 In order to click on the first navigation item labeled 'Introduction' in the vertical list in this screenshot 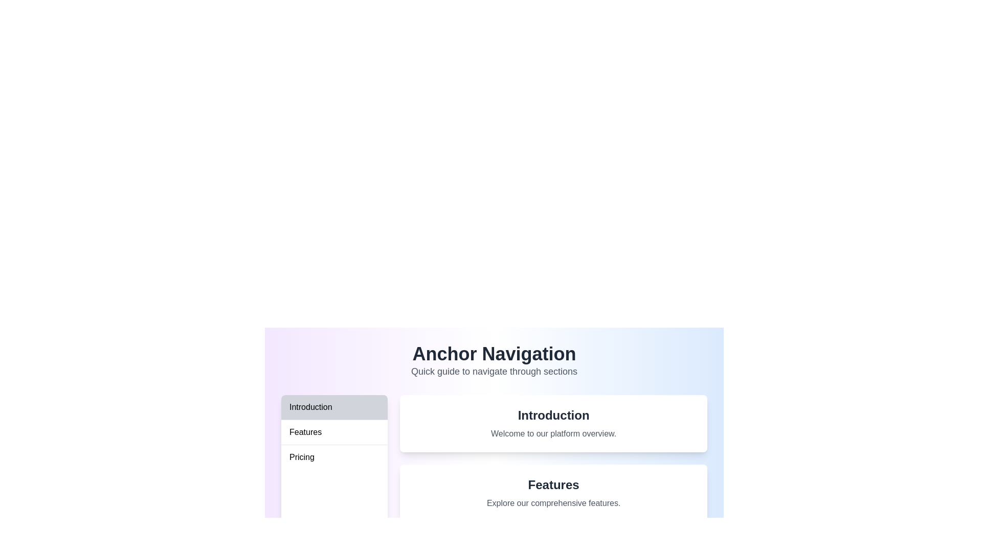, I will do `click(334, 407)`.